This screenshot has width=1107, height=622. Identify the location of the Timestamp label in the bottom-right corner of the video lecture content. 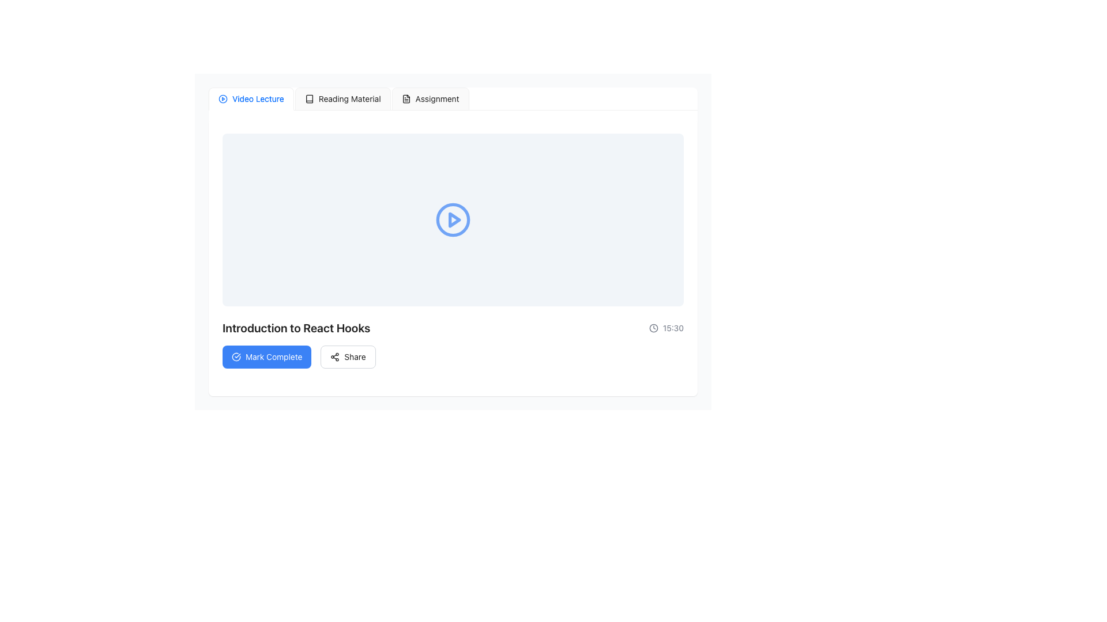
(673, 328).